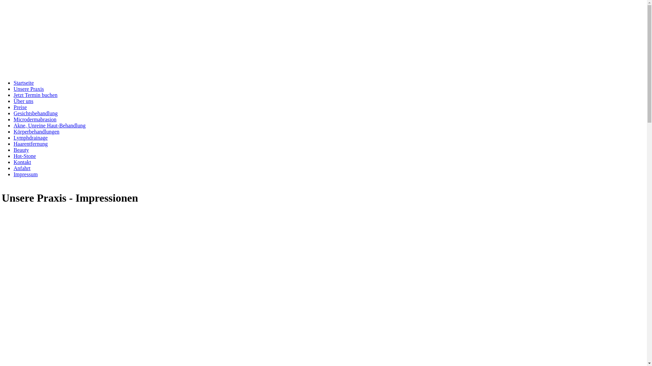 This screenshot has width=652, height=366. What do you see at coordinates (28, 88) in the screenshot?
I see `'Unsere Praxis'` at bounding box center [28, 88].